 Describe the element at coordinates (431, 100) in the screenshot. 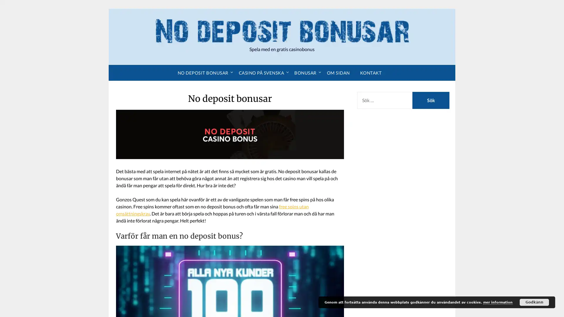

I see `Sok` at that location.